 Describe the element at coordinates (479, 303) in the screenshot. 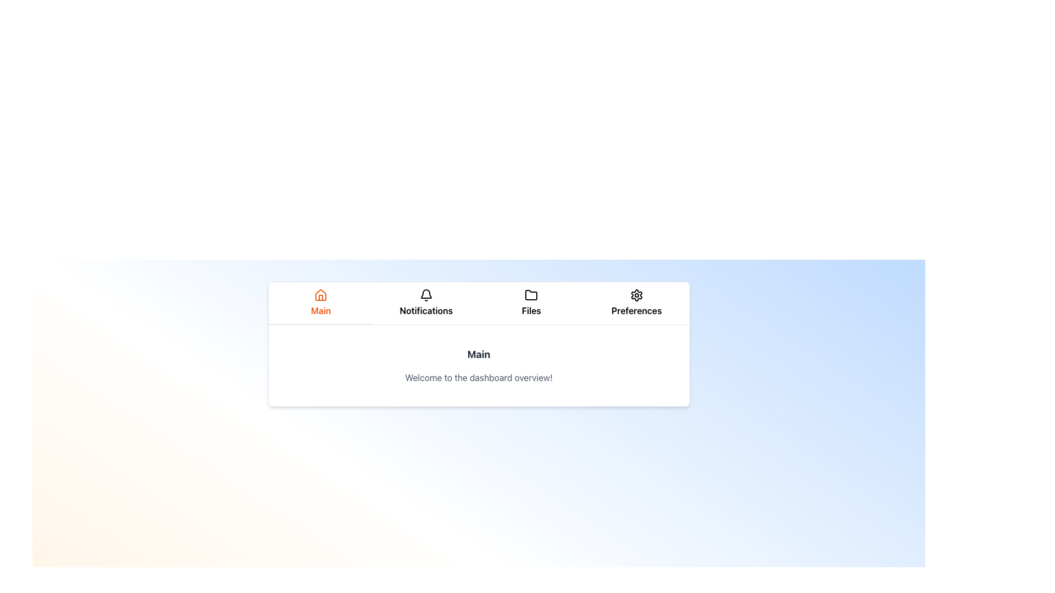

I see `the Tabbed Navigation Menu` at that location.